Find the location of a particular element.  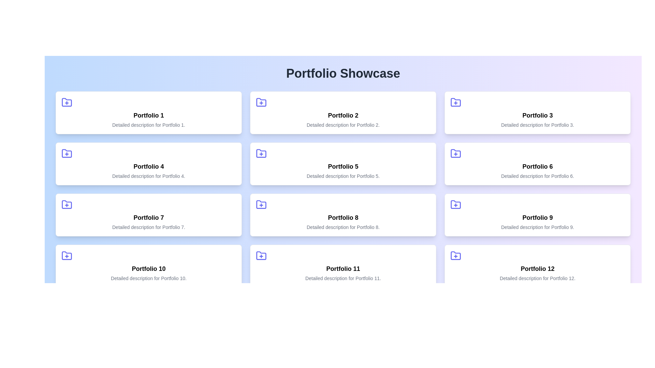

the text element styled in smaller gray font located under the heading 'Portfolio 6' in the sixth portfolio card, positioned in the second row, third column of the grid is located at coordinates (537, 175).